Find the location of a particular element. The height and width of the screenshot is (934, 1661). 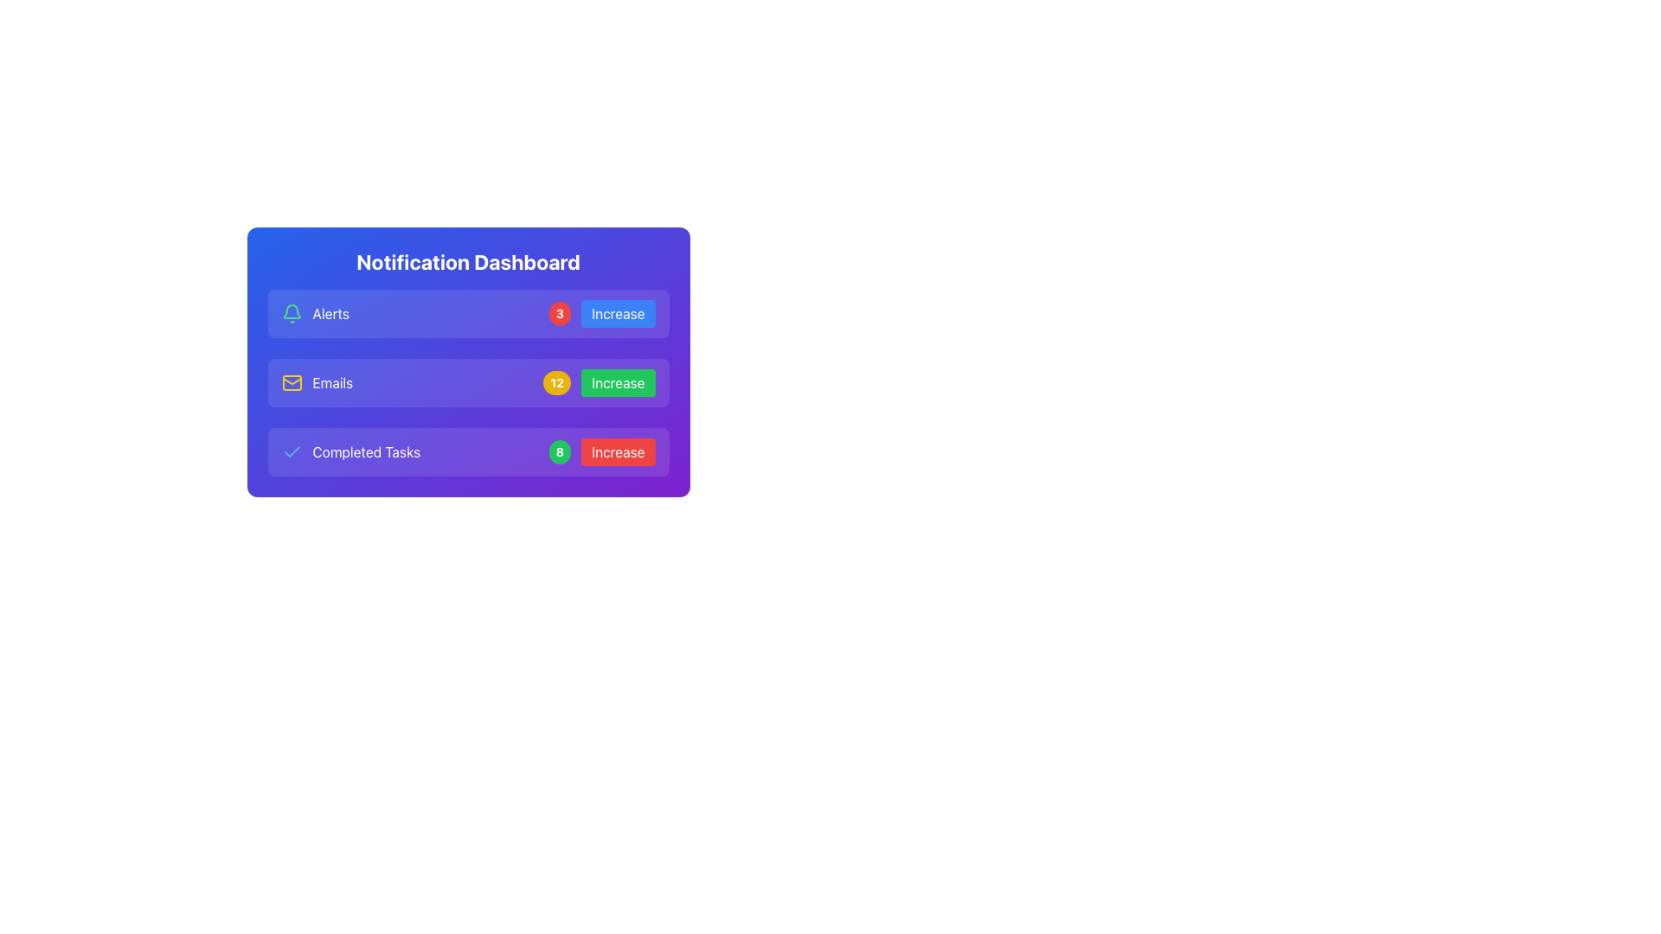

the label displaying a blue checkmark icon followed by the text 'Completed Tasks', located in the bottom section of the list, specifically in the third row, below 'Emails' and above a green '8' counter and an 'Increase' button is located at coordinates (350, 451).